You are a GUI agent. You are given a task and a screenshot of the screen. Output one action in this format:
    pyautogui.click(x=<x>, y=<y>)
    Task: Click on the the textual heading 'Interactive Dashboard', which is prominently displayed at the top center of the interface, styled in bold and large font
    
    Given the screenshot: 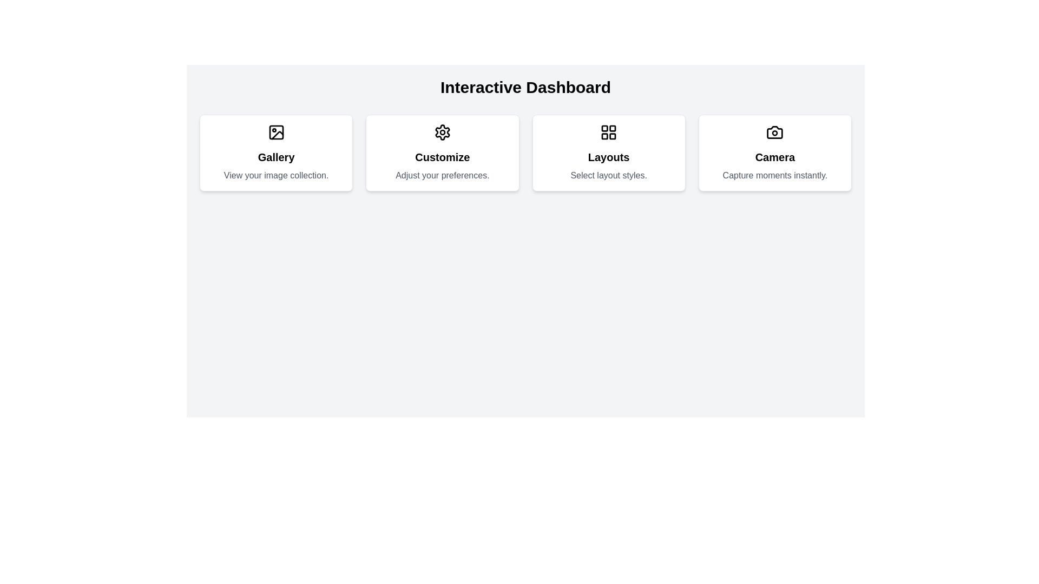 What is the action you would take?
    pyautogui.click(x=525, y=87)
    